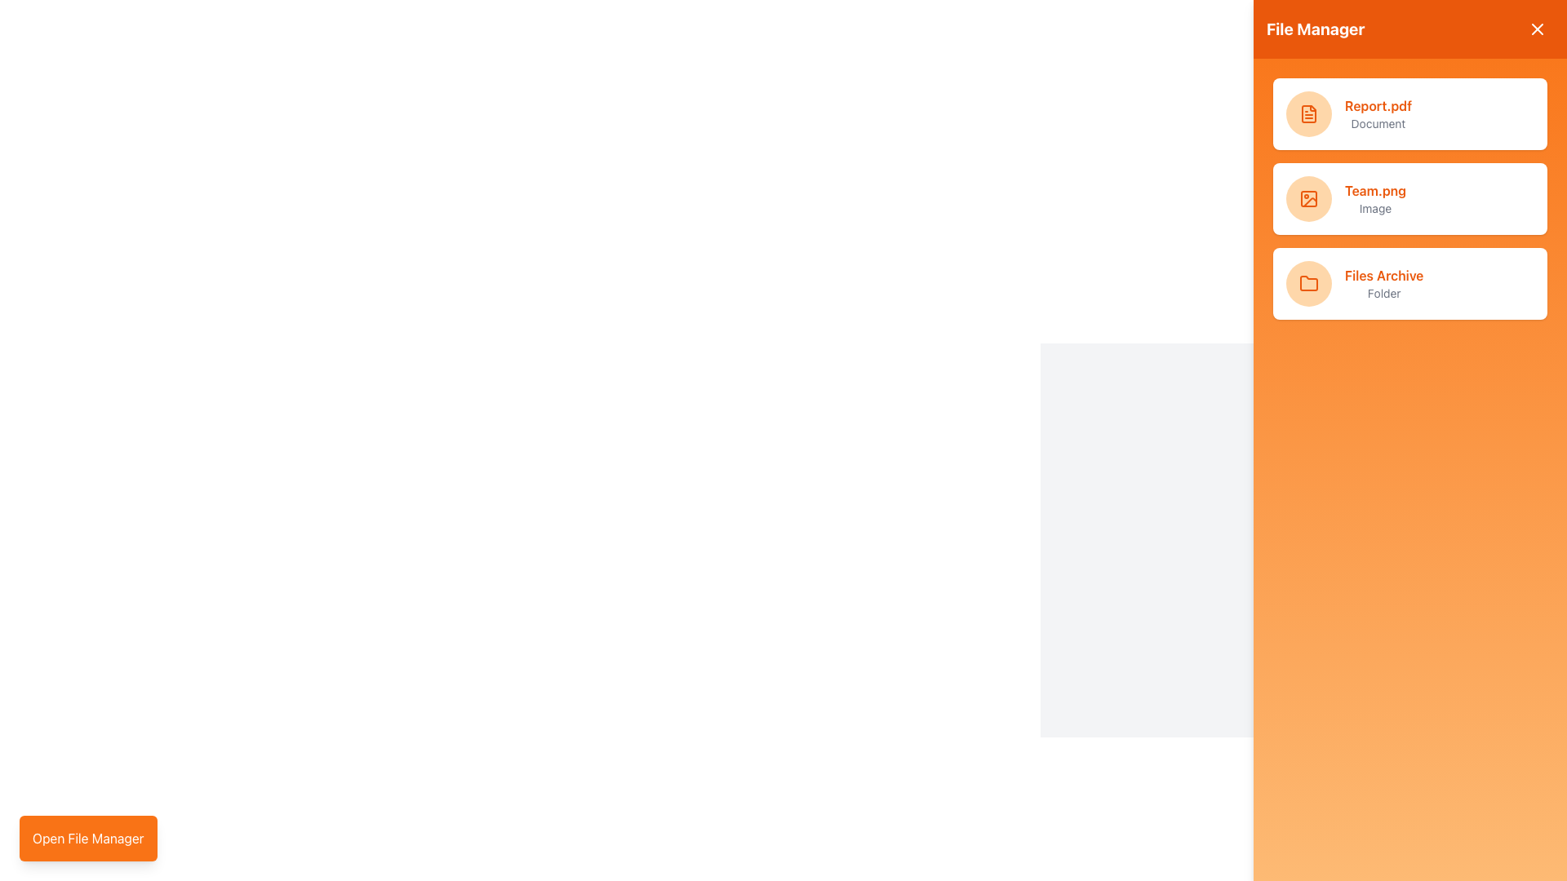 Image resolution: width=1567 pixels, height=881 pixels. I want to click on the first List Item (File Card) in the File Manager panel, which displays 'Report.pdf' and 'Document', so click(1409, 113).